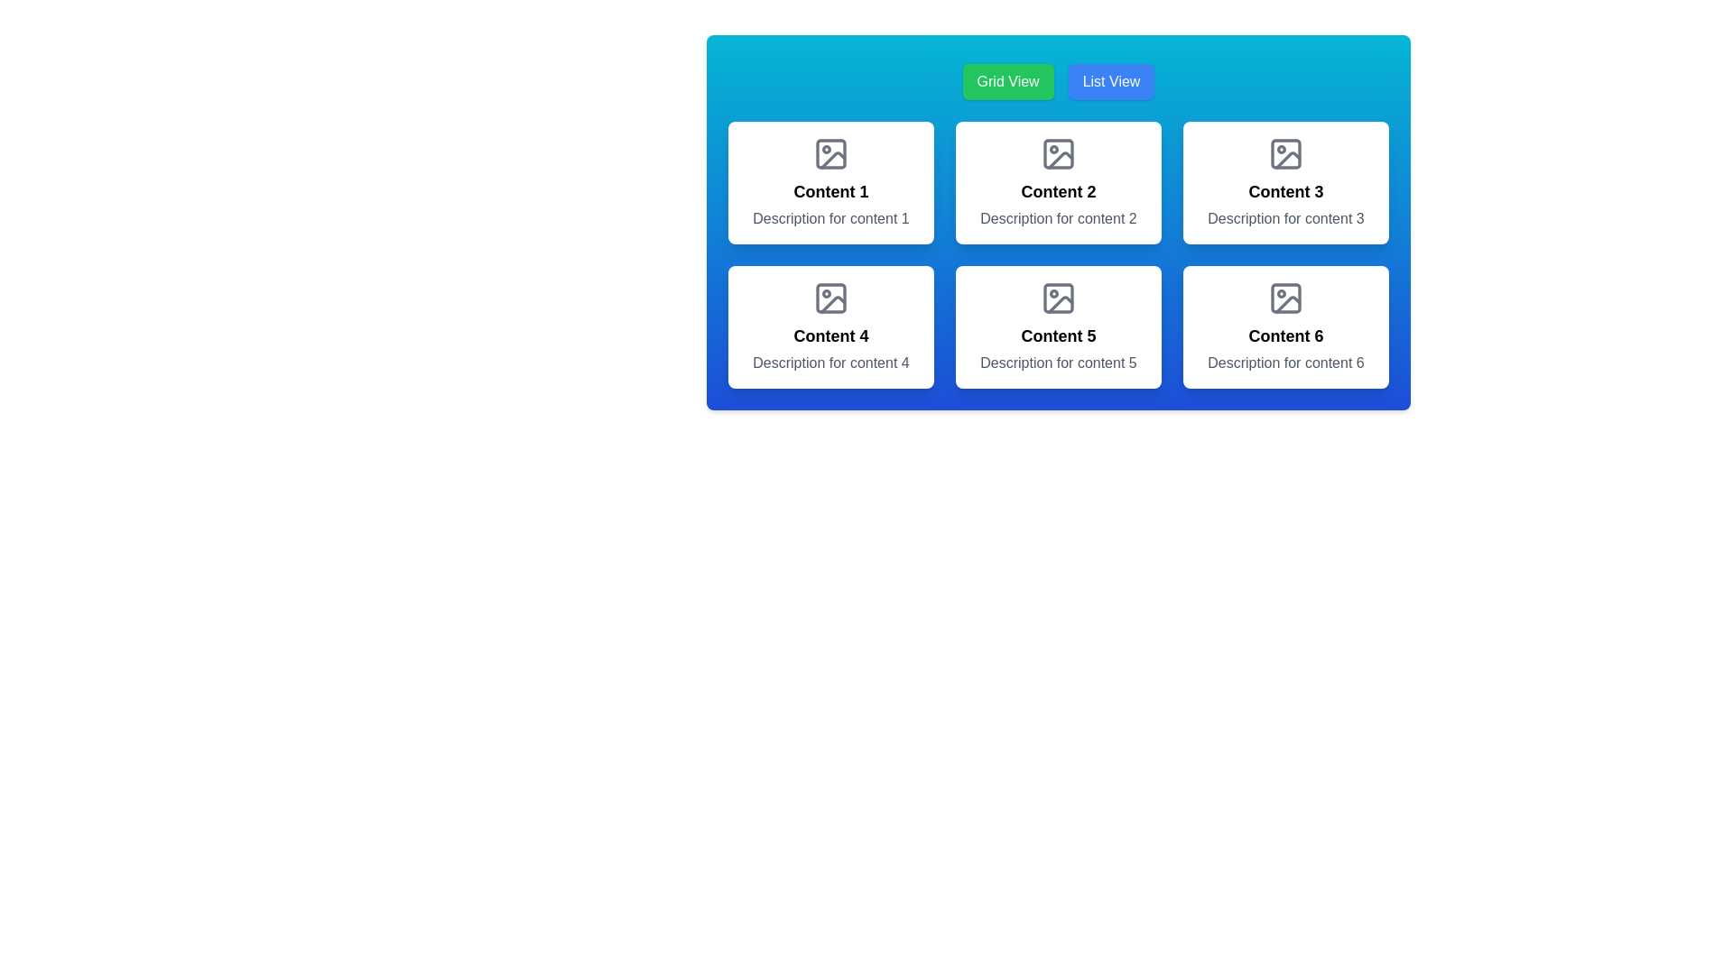  Describe the element at coordinates (1285, 152) in the screenshot. I see `the vector graphic element within the 'Content 3' card, which is part of the image icon placeholder located near the top-left of the card` at that location.